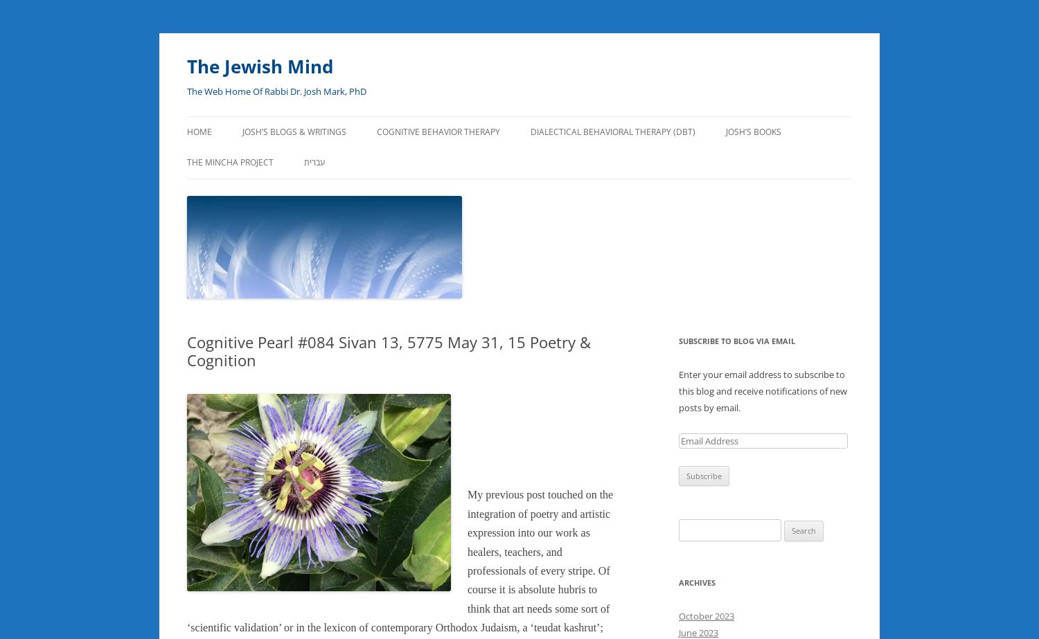 This screenshot has width=1039, height=639. Describe the element at coordinates (438, 132) in the screenshot. I see `'Cognitive Behavior Therapy'` at that location.